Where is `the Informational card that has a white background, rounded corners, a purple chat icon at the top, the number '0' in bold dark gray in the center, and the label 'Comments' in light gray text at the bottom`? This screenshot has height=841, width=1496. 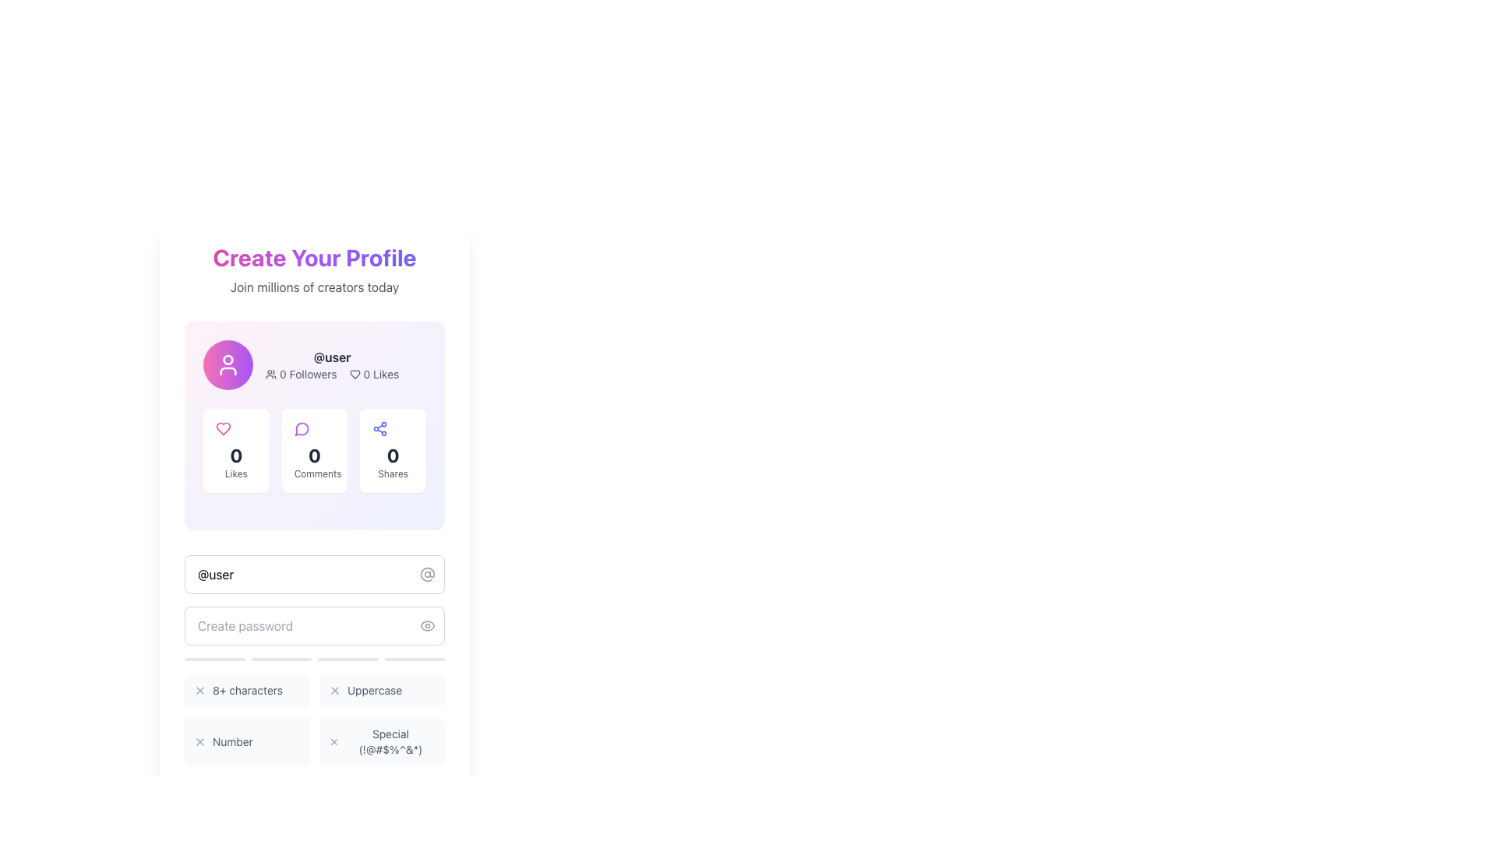 the Informational card that has a white background, rounded corners, a purple chat icon at the top, the number '0' in bold dark gray in the center, and the label 'Comments' in light gray text at the bottom is located at coordinates (313, 450).